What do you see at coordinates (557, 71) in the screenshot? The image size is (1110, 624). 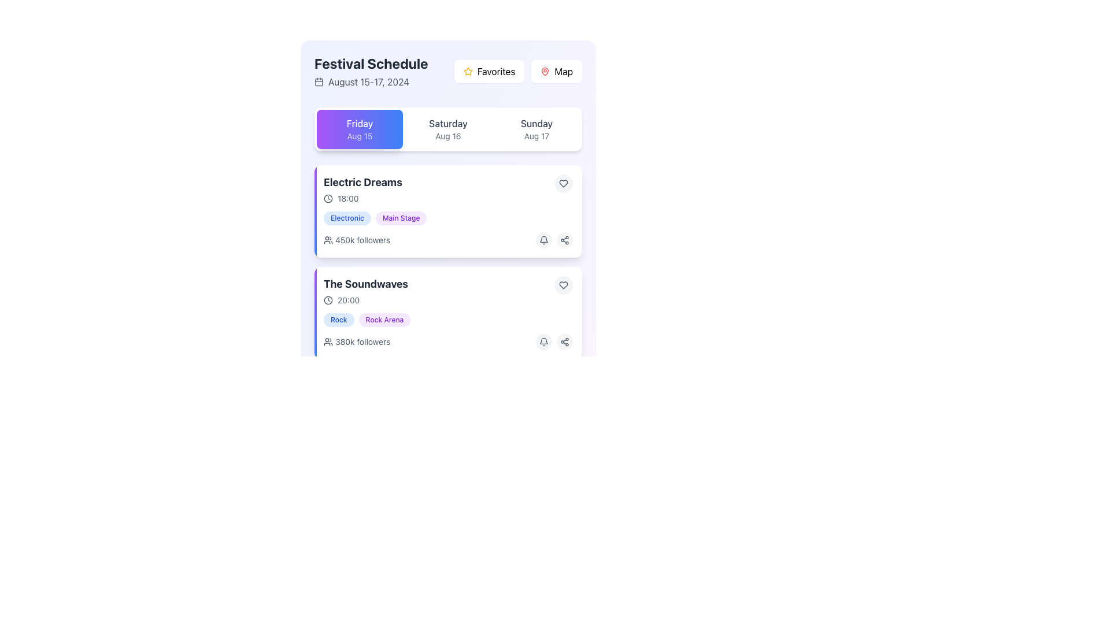 I see `the 'Map' button located at the top-right of the main interface` at bounding box center [557, 71].